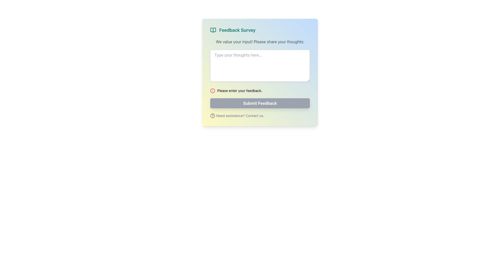  Describe the element at coordinates (213, 90) in the screenshot. I see `the circular alert icon with a red border, which is located to the left of the text 'Please enter your feedback.'` at that location.